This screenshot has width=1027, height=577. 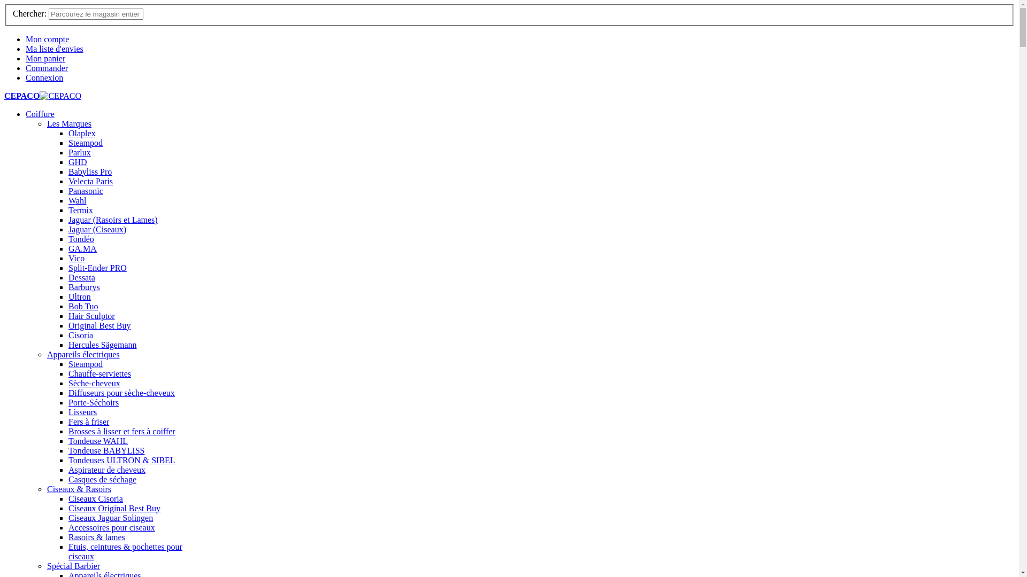 What do you see at coordinates (43, 77) in the screenshot?
I see `'Connexion'` at bounding box center [43, 77].